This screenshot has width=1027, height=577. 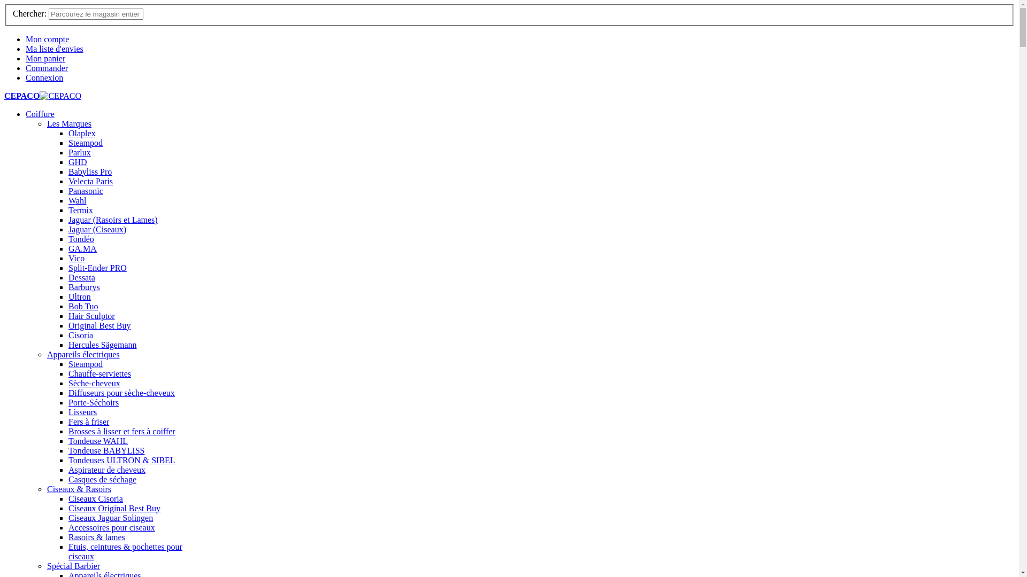 What do you see at coordinates (43, 77) in the screenshot?
I see `'Connexion'` at bounding box center [43, 77].